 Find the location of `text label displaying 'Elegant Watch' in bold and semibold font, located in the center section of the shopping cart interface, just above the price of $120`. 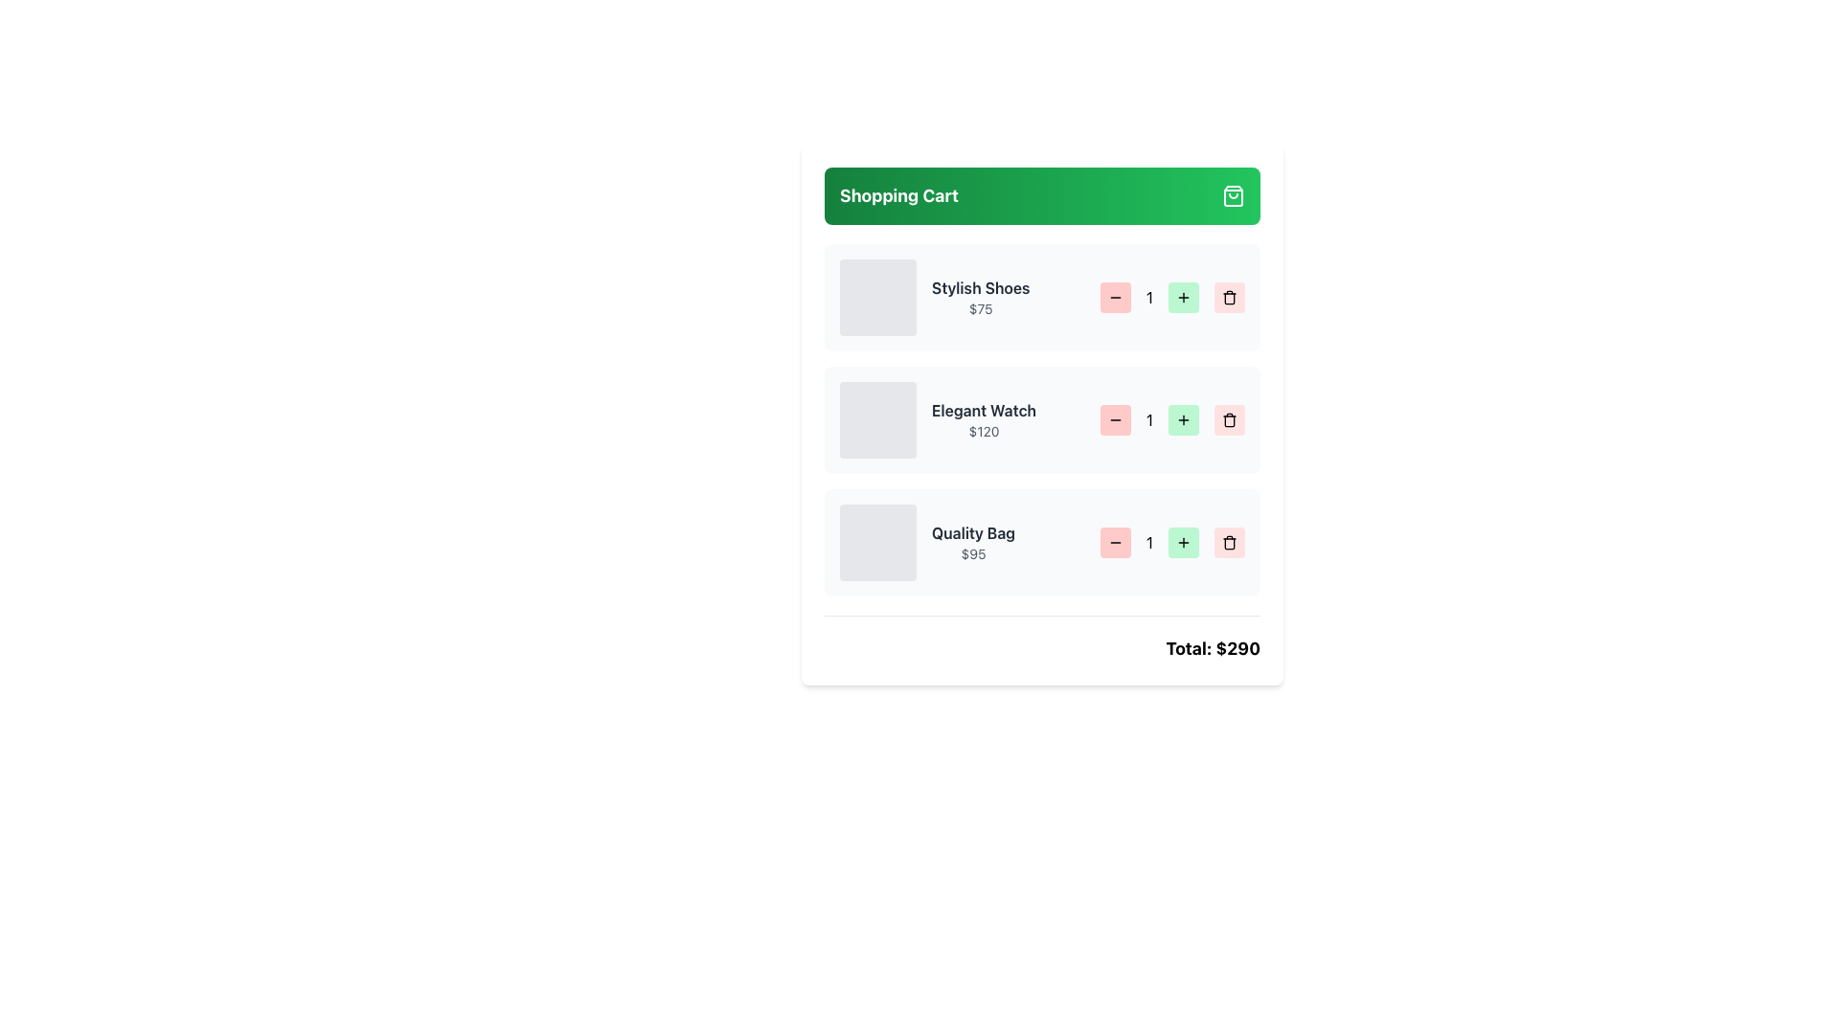

text label displaying 'Elegant Watch' in bold and semibold font, located in the center section of the shopping cart interface, just above the price of $120 is located at coordinates (984, 409).